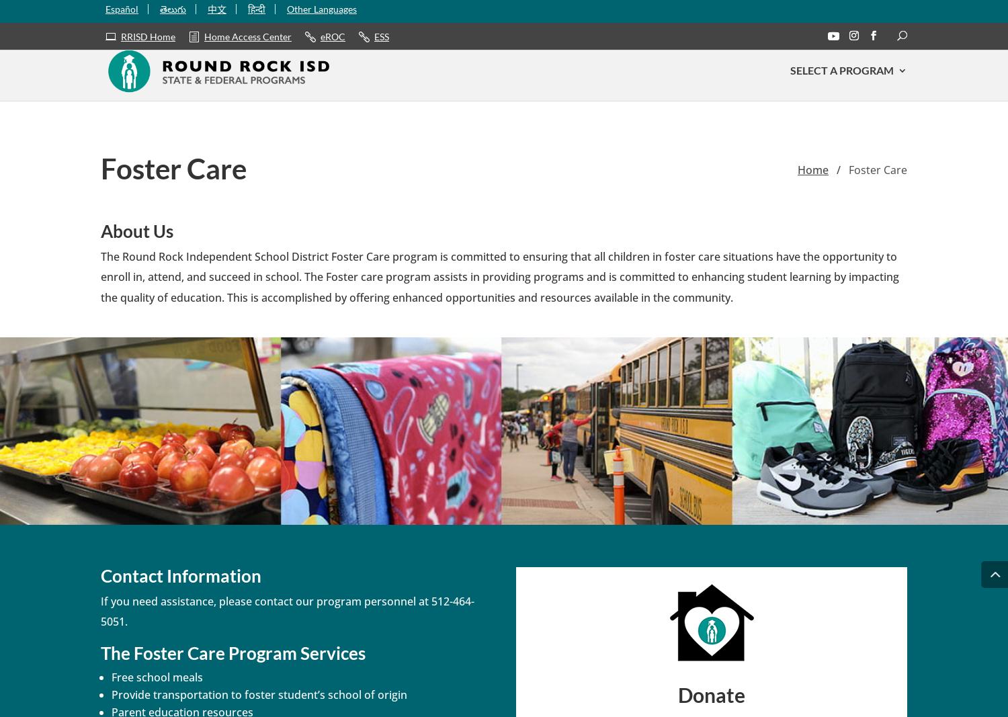  I want to click on 'Español', so click(122, 13).